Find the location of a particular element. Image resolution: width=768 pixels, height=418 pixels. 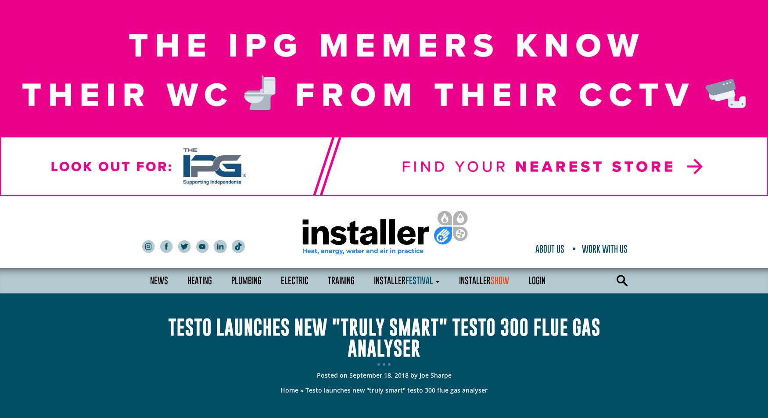

'Plumbing' is located at coordinates (246, 280).